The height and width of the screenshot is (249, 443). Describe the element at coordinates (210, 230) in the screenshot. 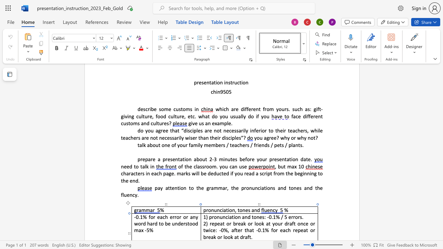

I see `the space between the continuous character "i" and "c" in the text` at that location.